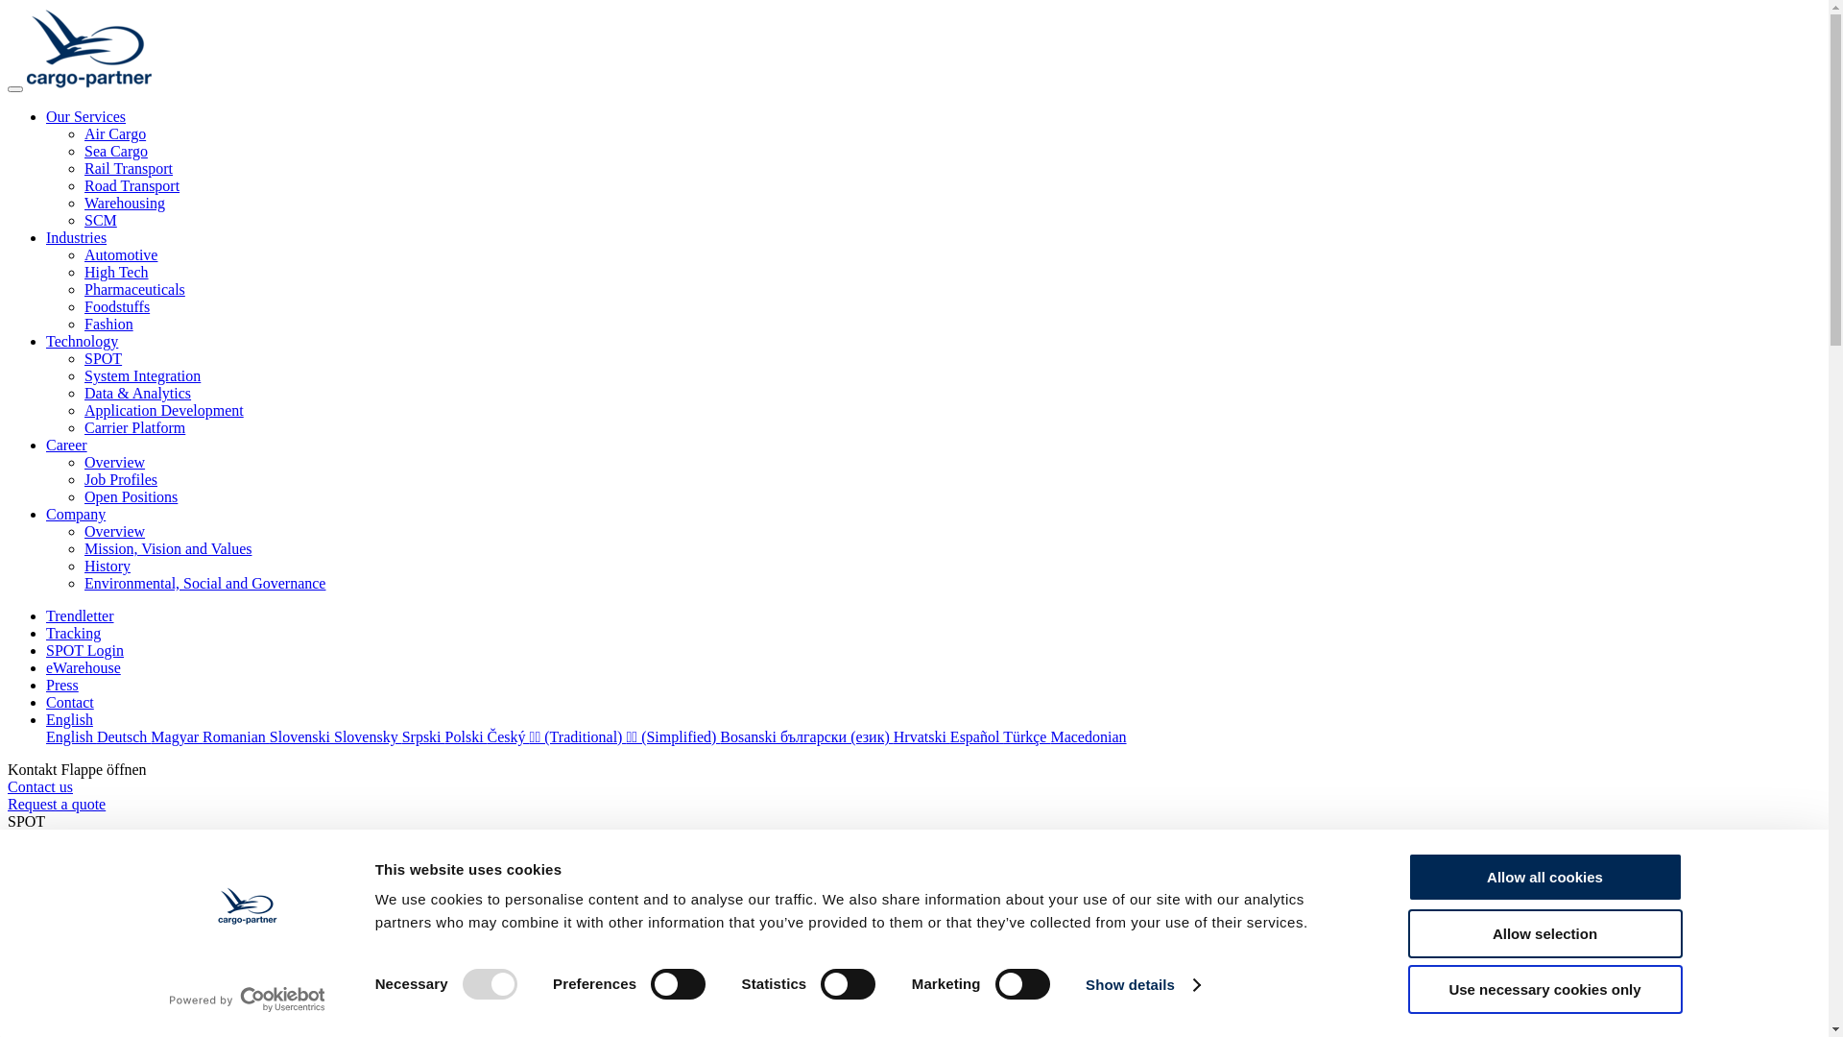 The height and width of the screenshot is (1037, 1843). I want to click on 'System Integration', so click(83, 375).